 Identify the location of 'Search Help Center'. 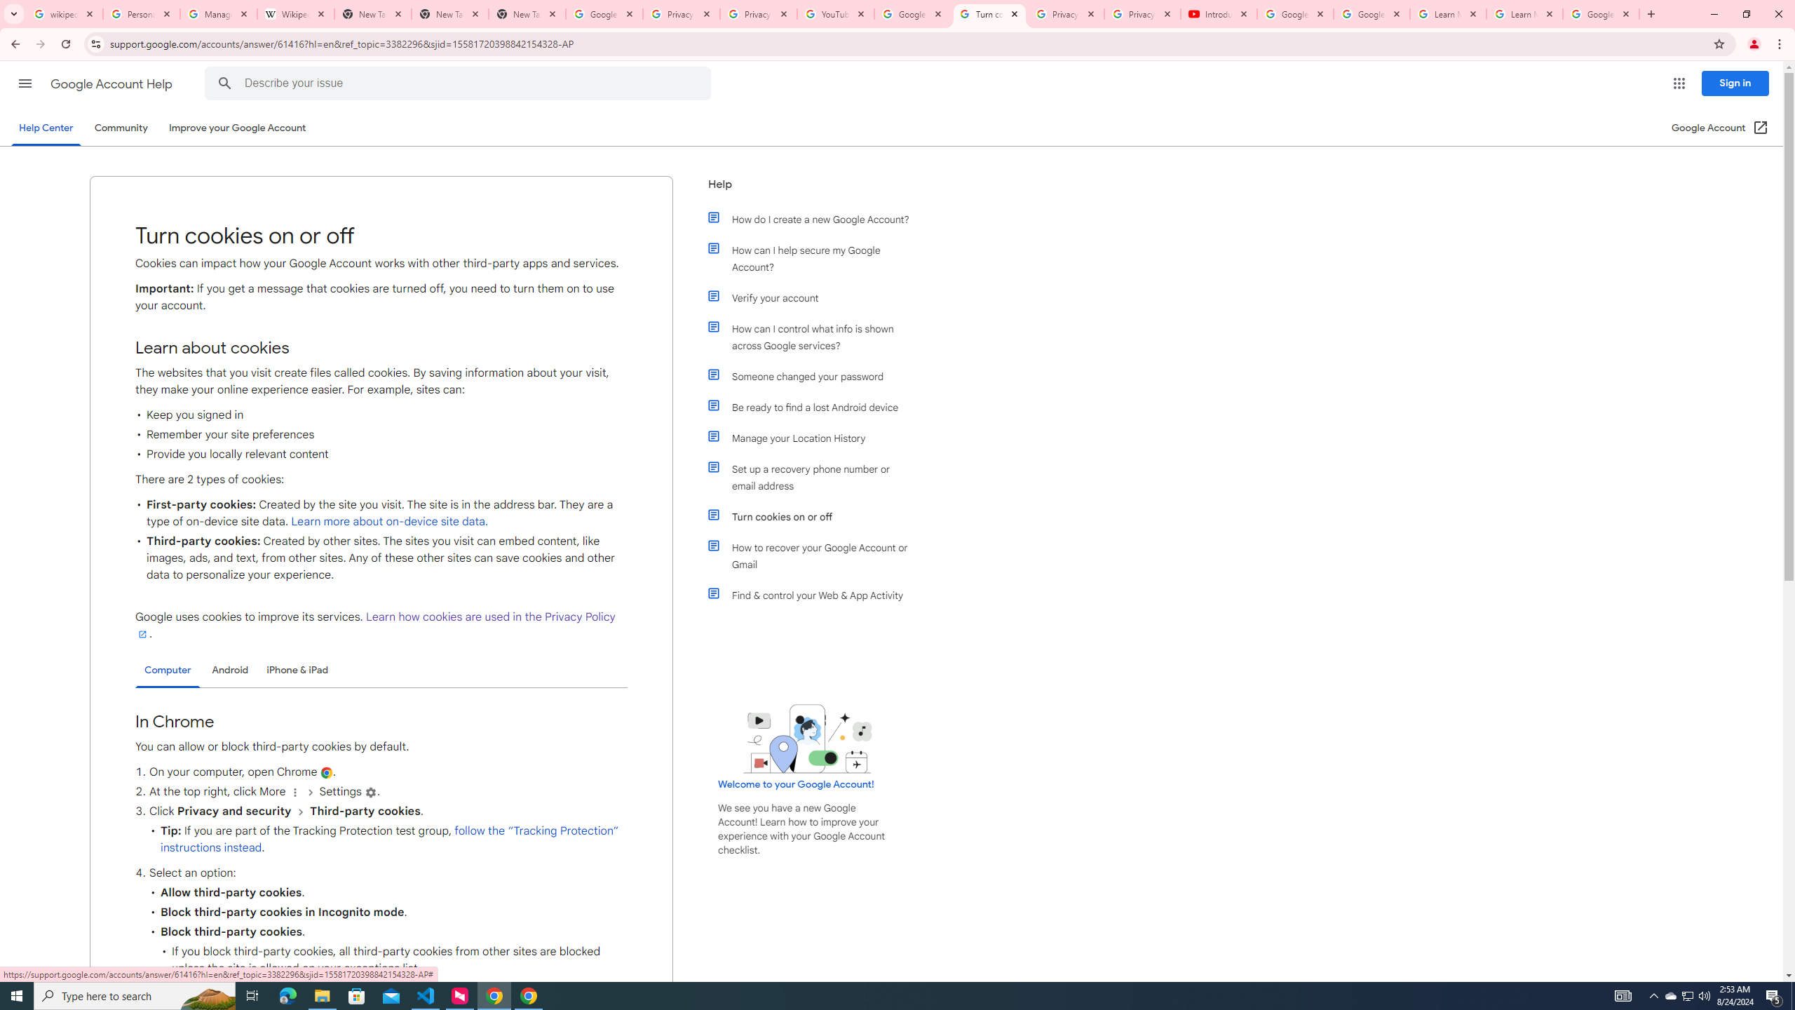
(224, 83).